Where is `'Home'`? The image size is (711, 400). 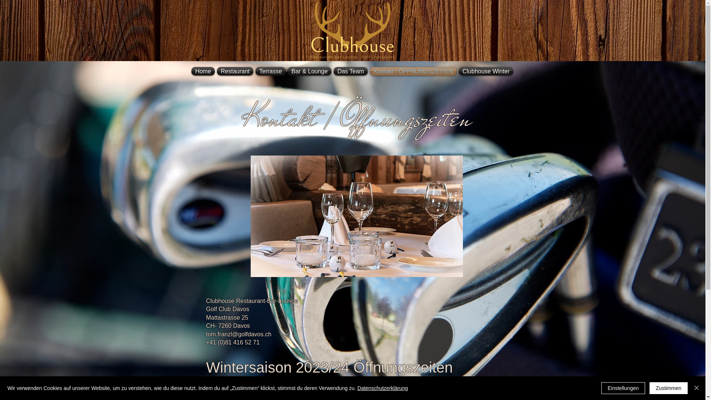
'Home' is located at coordinates (203, 71).